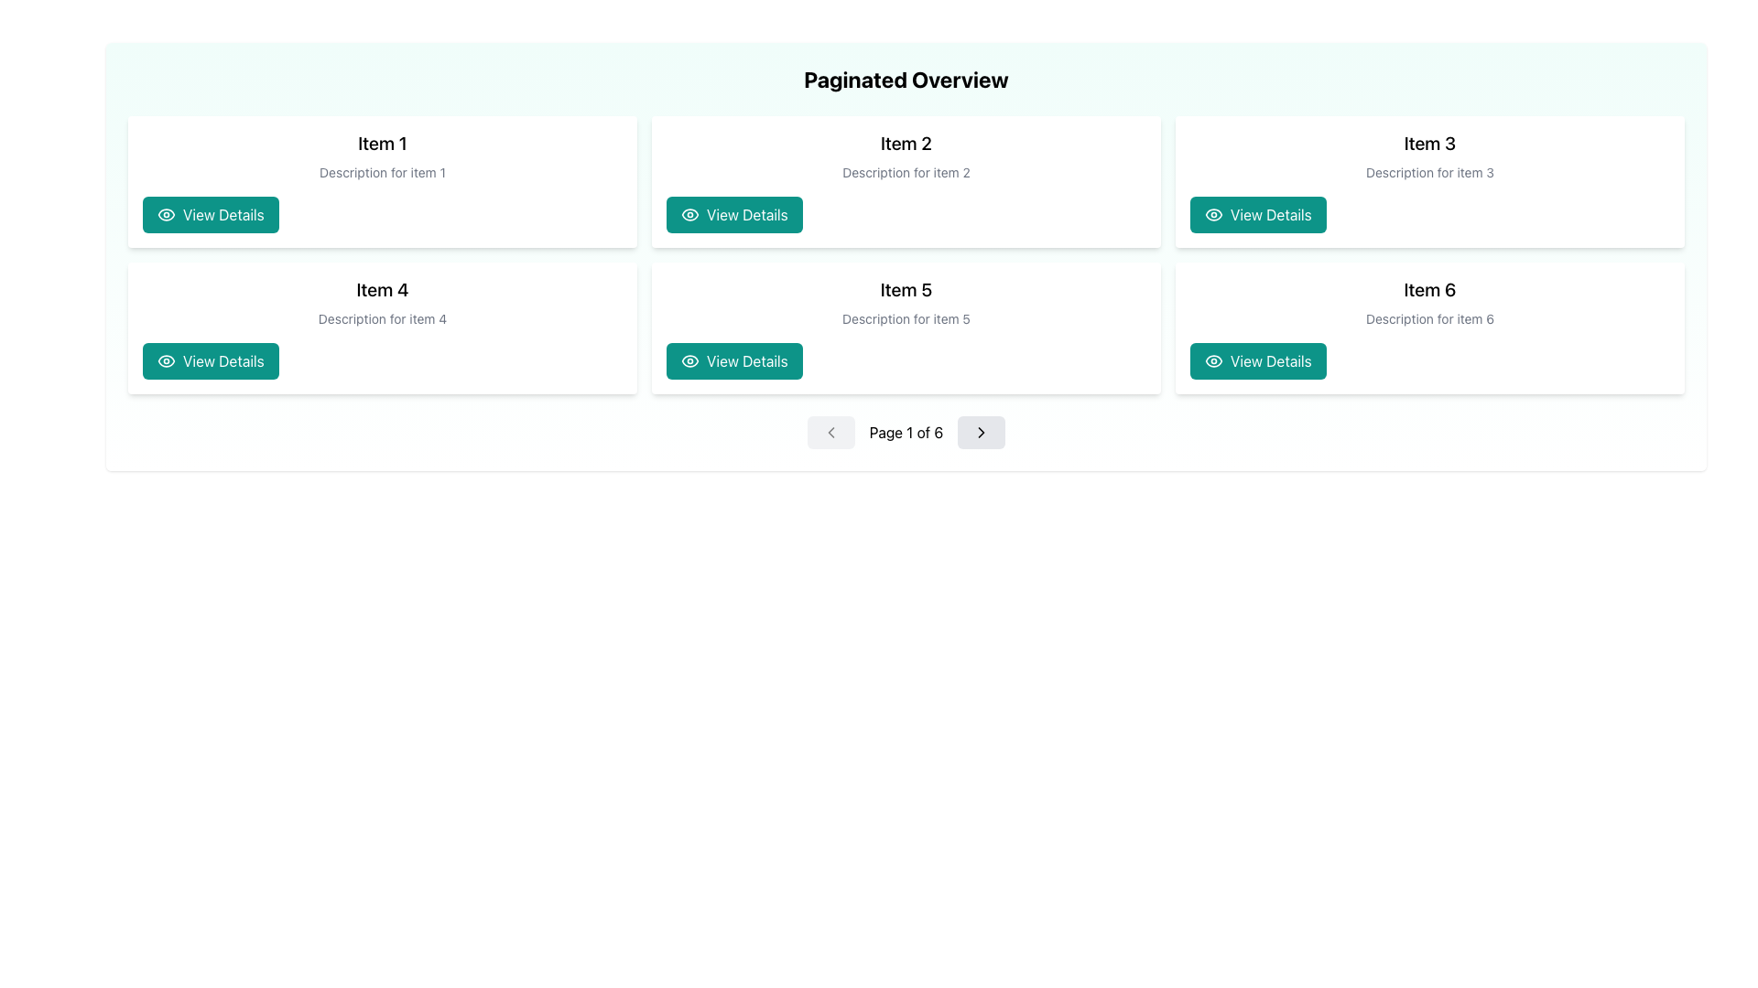 The width and height of the screenshot is (1758, 988). I want to click on the text label displaying 'Item 6', which is styled in a bold, large font and located in the bottom-right card of the grid layout, so click(1428, 288).